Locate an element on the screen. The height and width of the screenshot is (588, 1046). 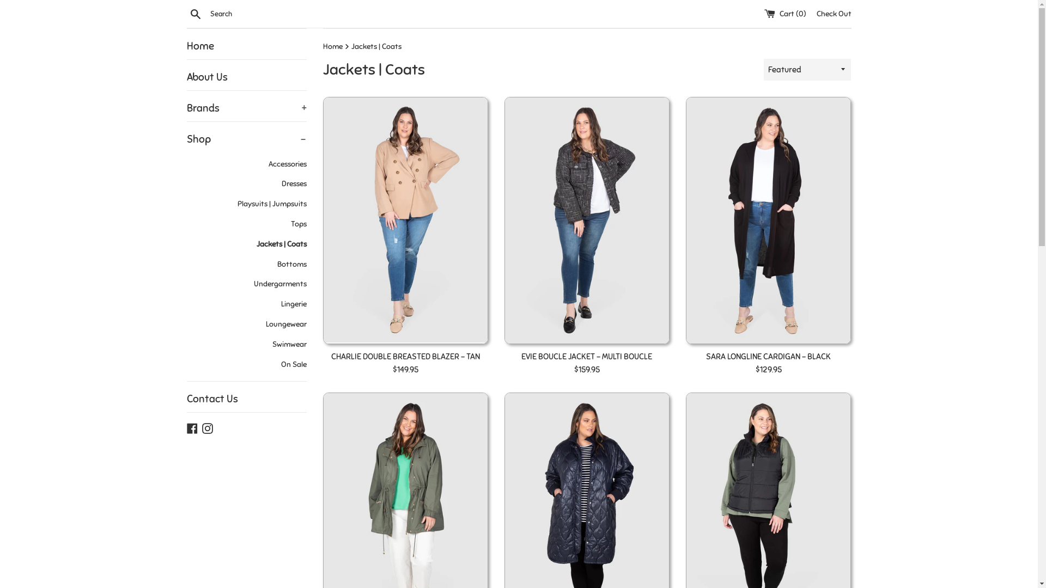
'Jackets | Coats' is located at coordinates (245, 244).